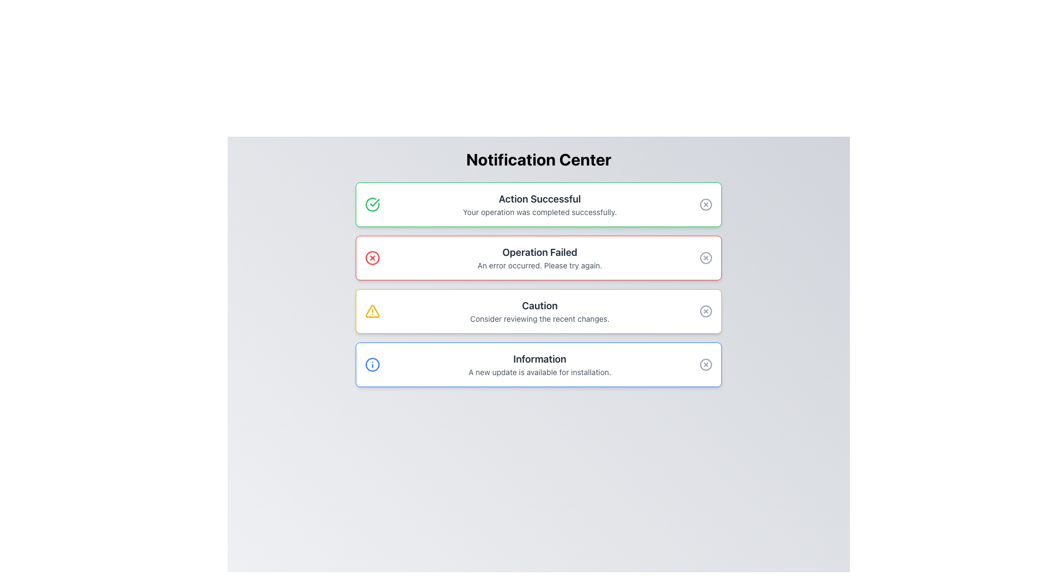 The image size is (1046, 588). Describe the element at coordinates (539, 318) in the screenshot. I see `informational text label located beneath the 'Caution' header in the caution notification area, which provides context or instructions` at that location.